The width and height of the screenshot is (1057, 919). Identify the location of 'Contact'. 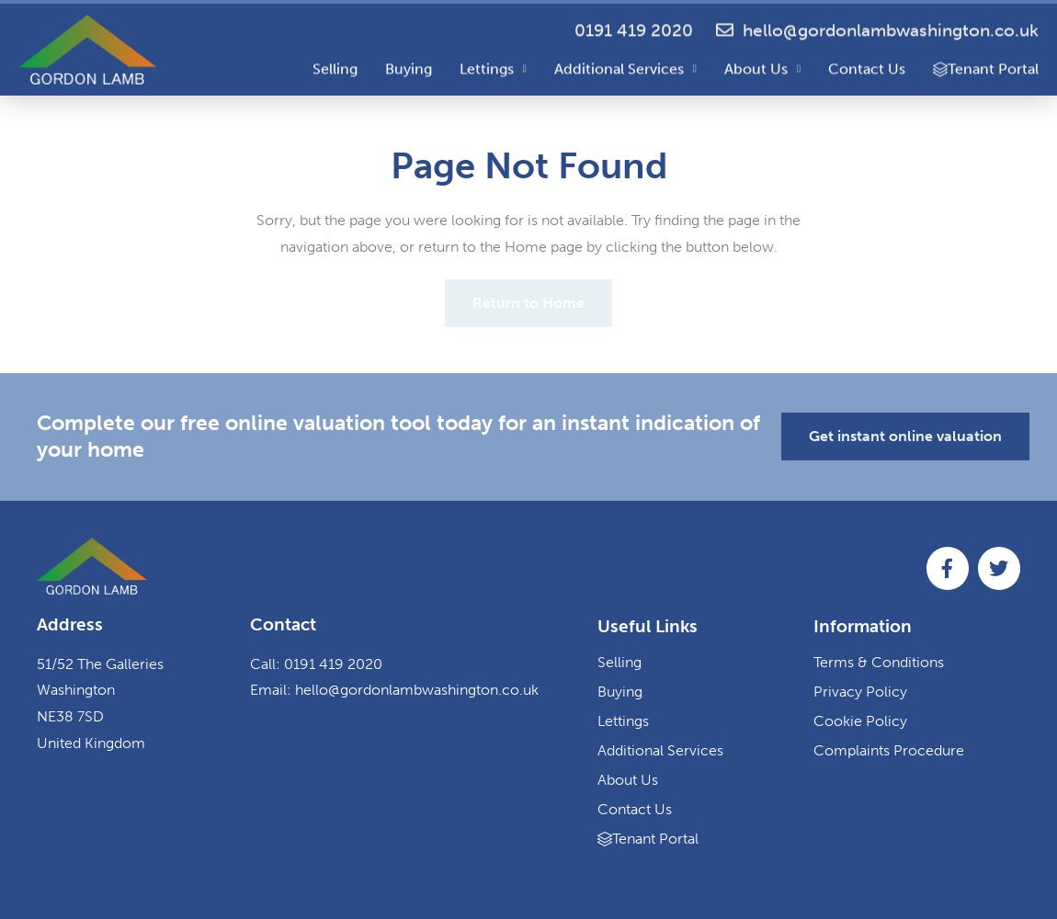
(248, 623).